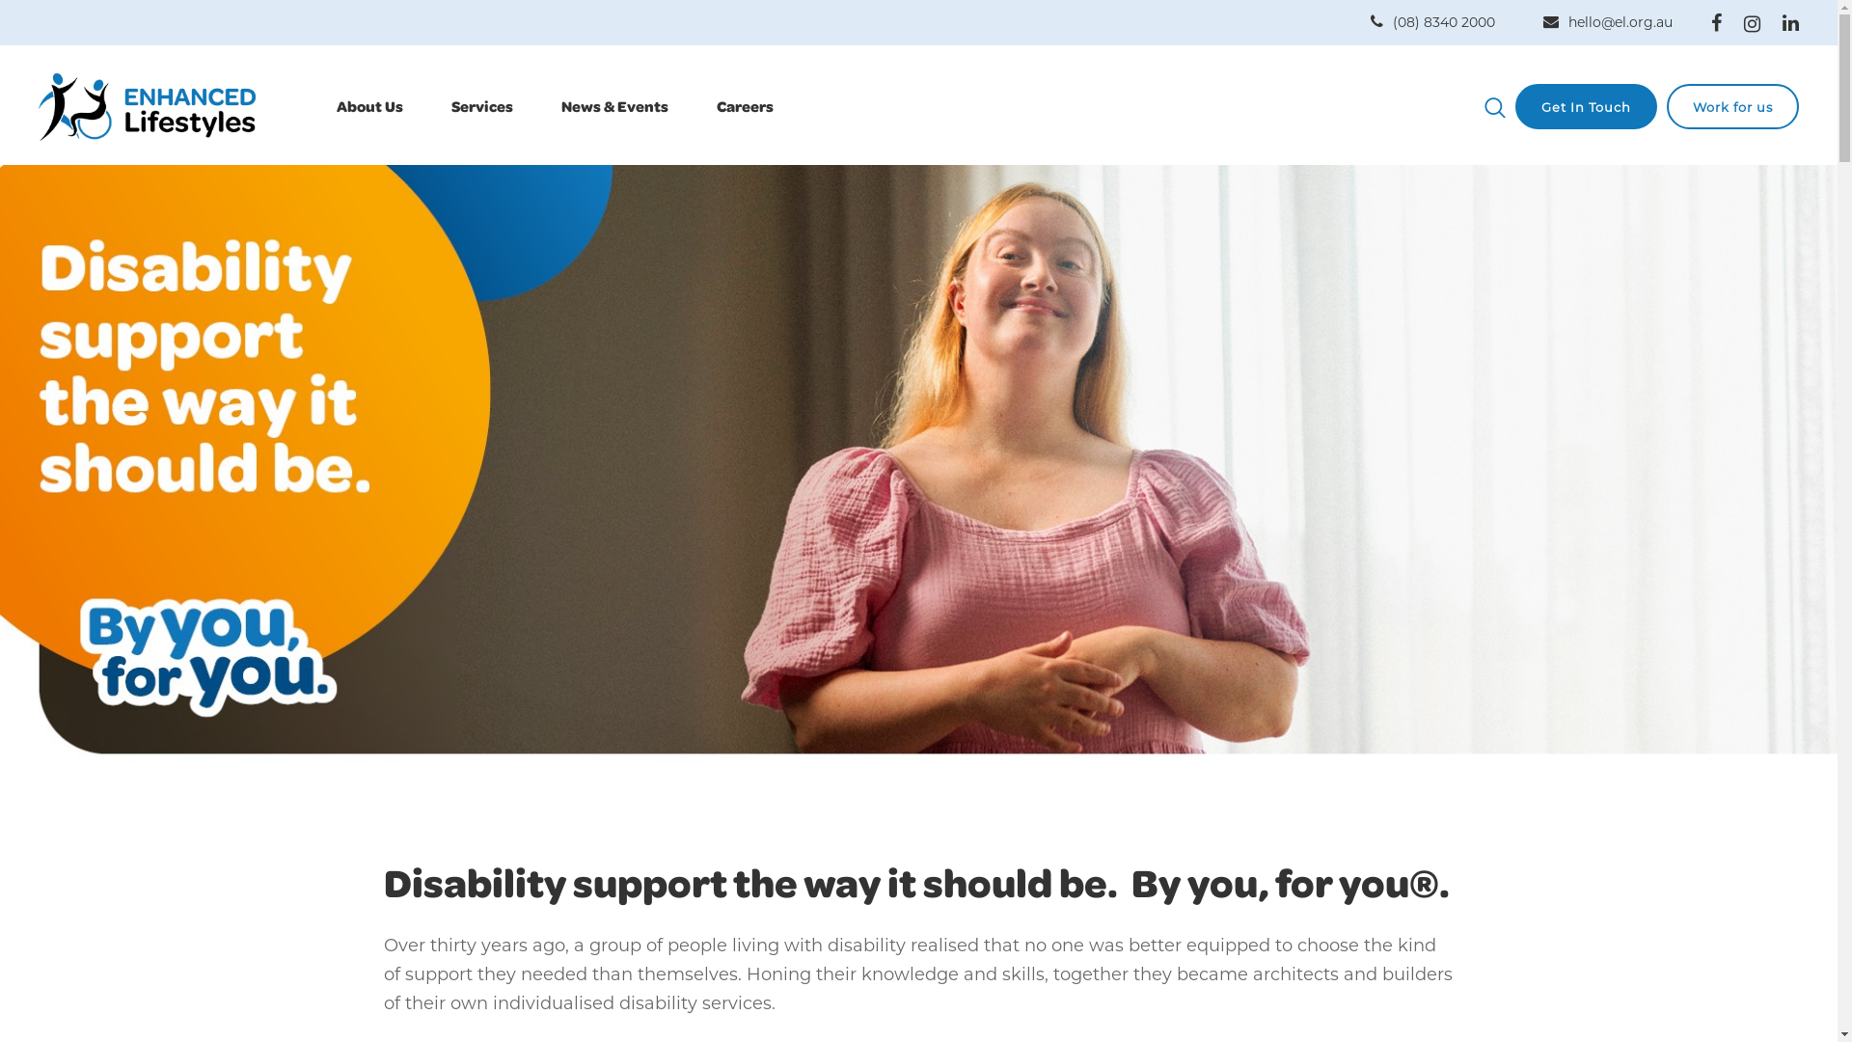 Image resolution: width=1852 pixels, height=1042 pixels. Describe the element at coordinates (1752, 23) in the screenshot. I see `'Instagram'` at that location.